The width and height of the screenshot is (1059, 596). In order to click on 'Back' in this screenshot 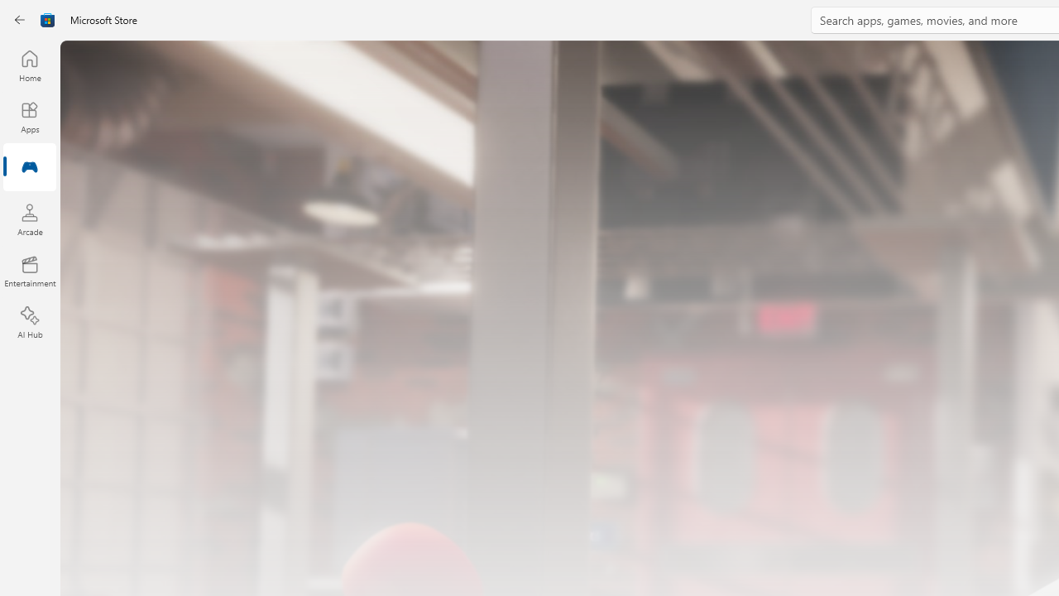, I will do `click(20, 20)`.